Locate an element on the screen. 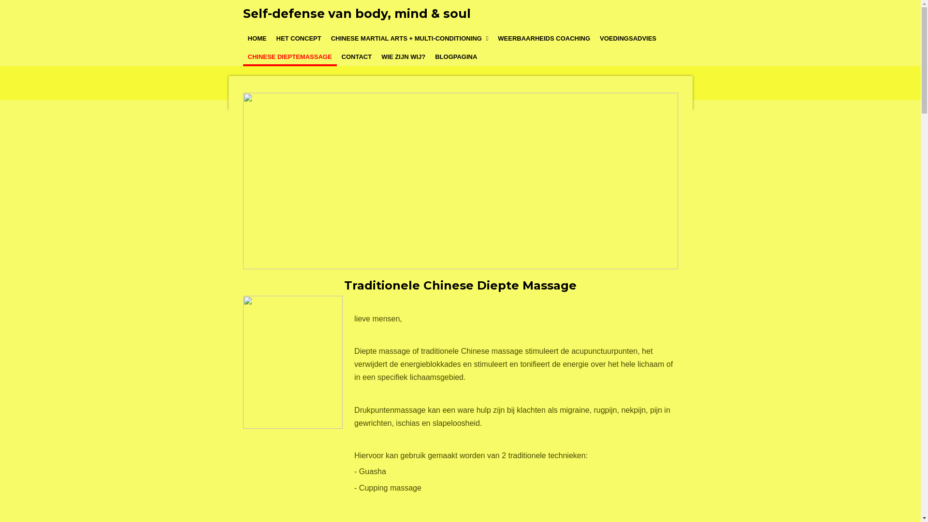 This screenshot has height=522, width=928. 'CHINESE DIEPTEMASSAGE' is located at coordinates (289, 57).